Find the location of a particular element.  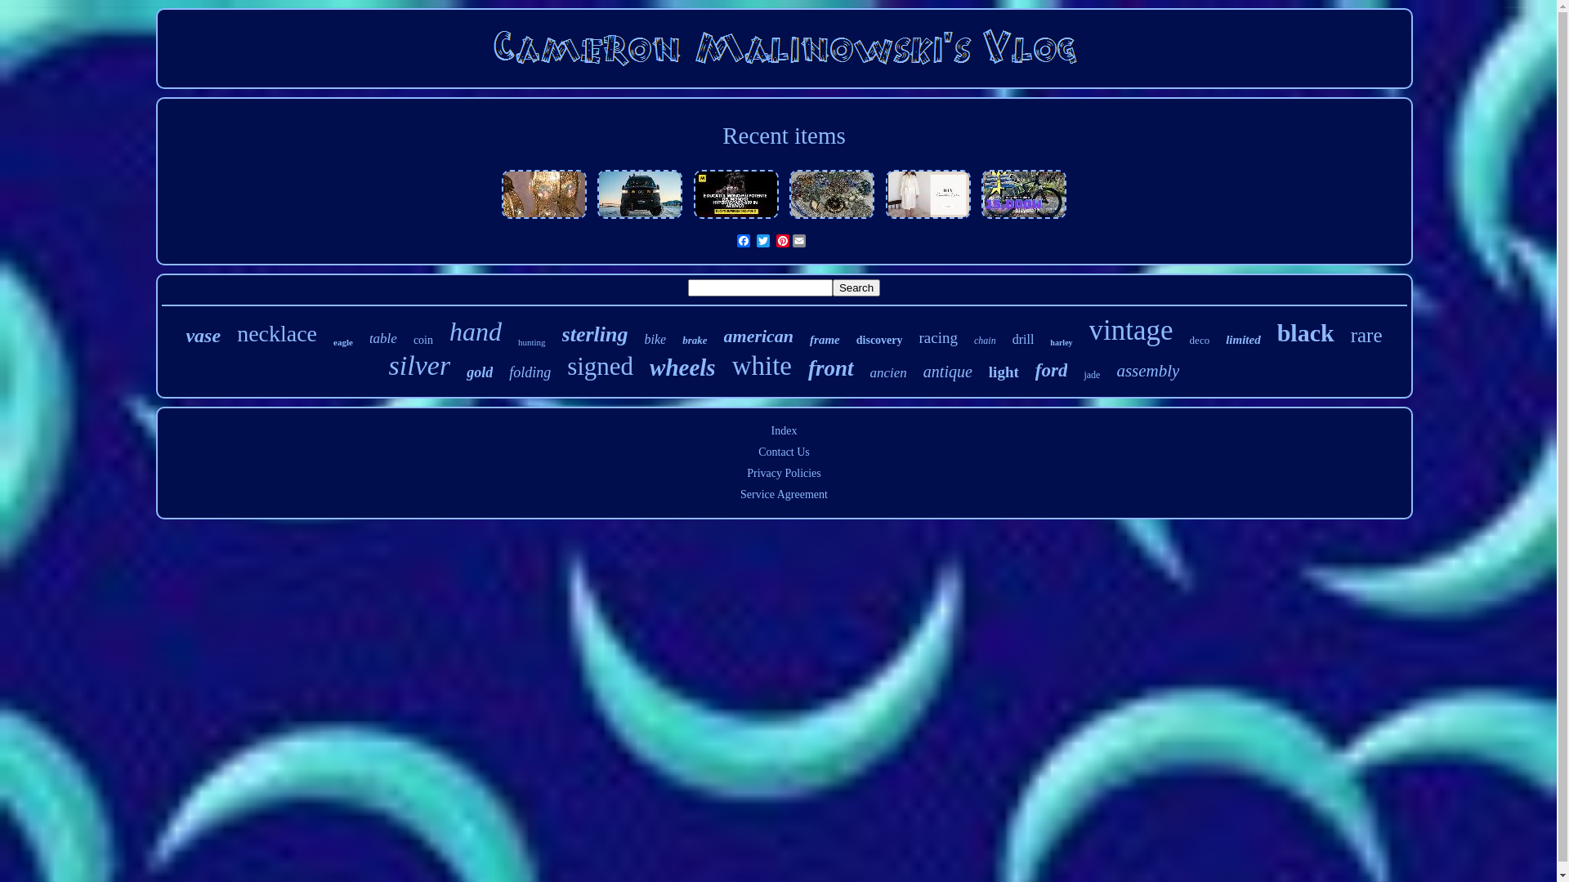

'brake' is located at coordinates (694, 339).